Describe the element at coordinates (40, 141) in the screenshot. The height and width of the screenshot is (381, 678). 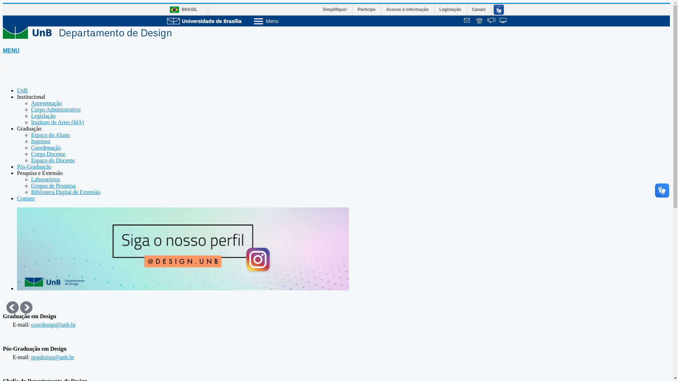
I see `'Ingresso'` at that location.